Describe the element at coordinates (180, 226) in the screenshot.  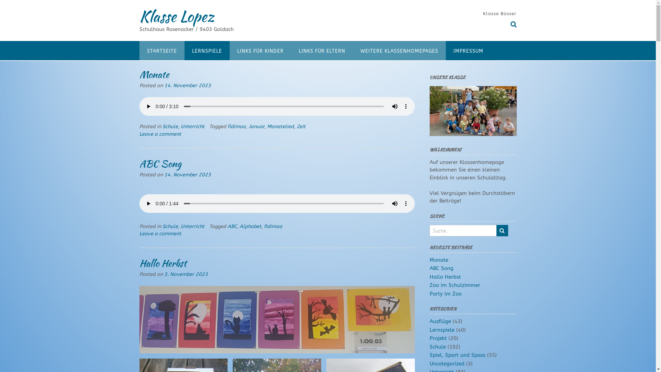
I see `'Unterricht'` at that location.